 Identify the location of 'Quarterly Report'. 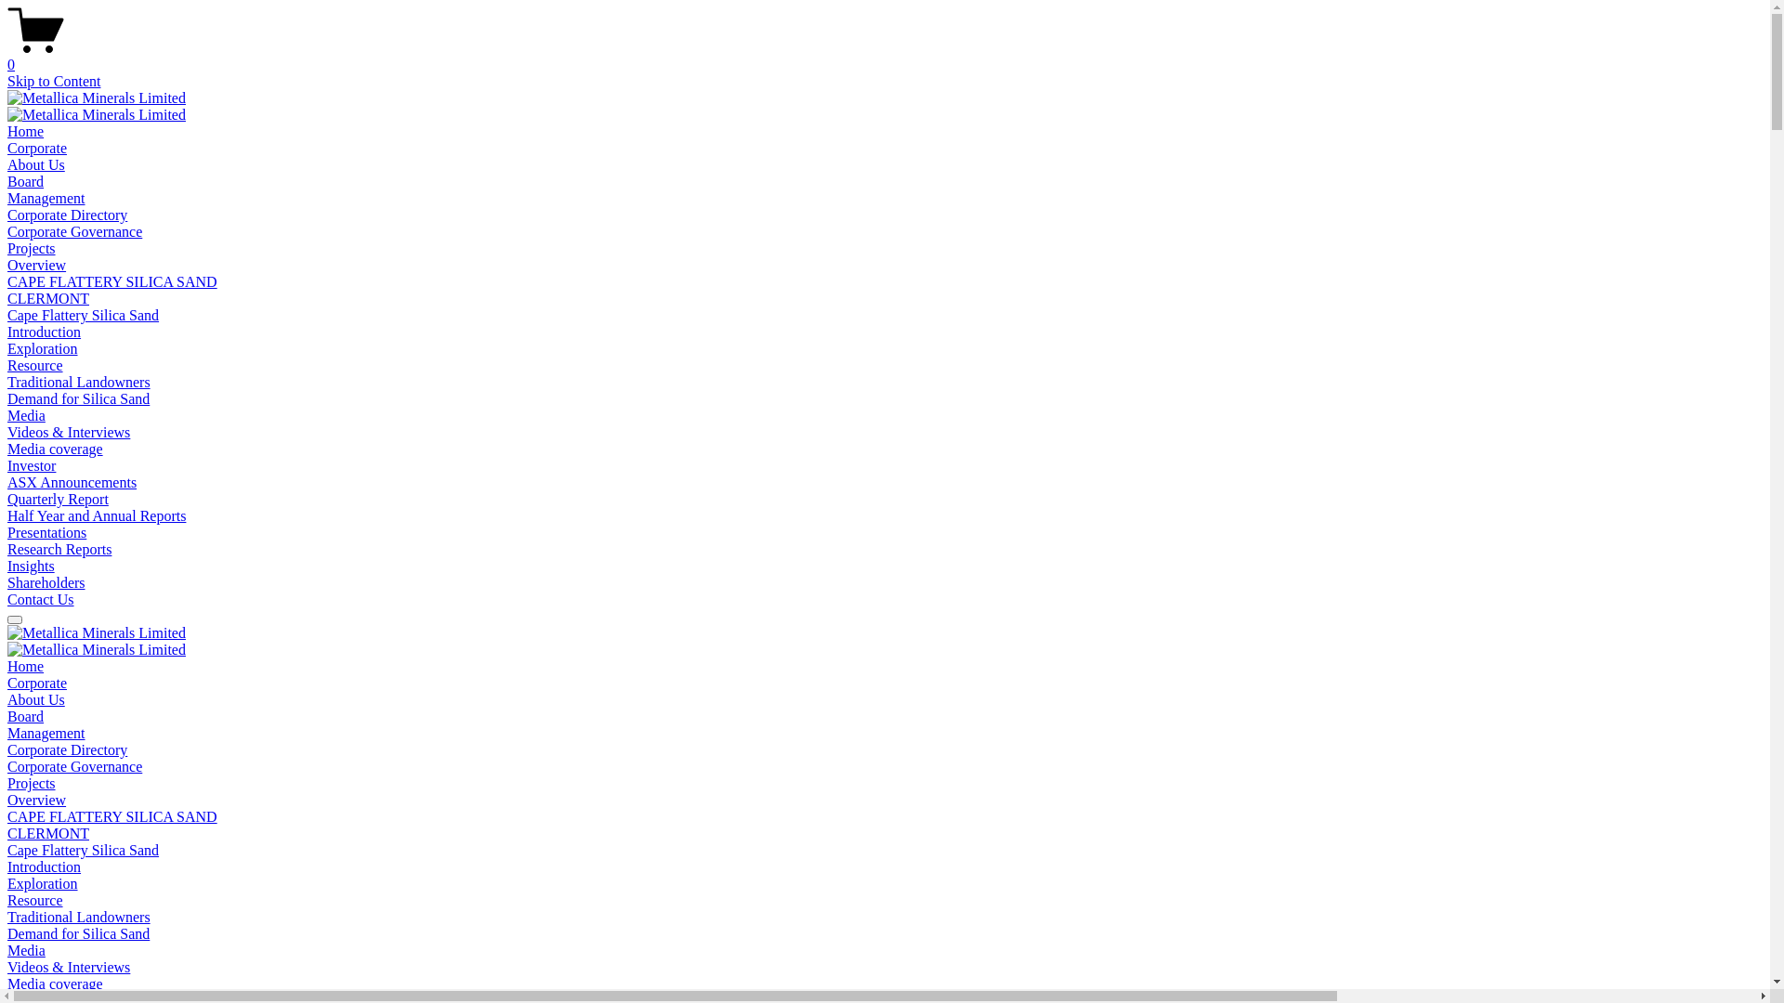
(58, 498).